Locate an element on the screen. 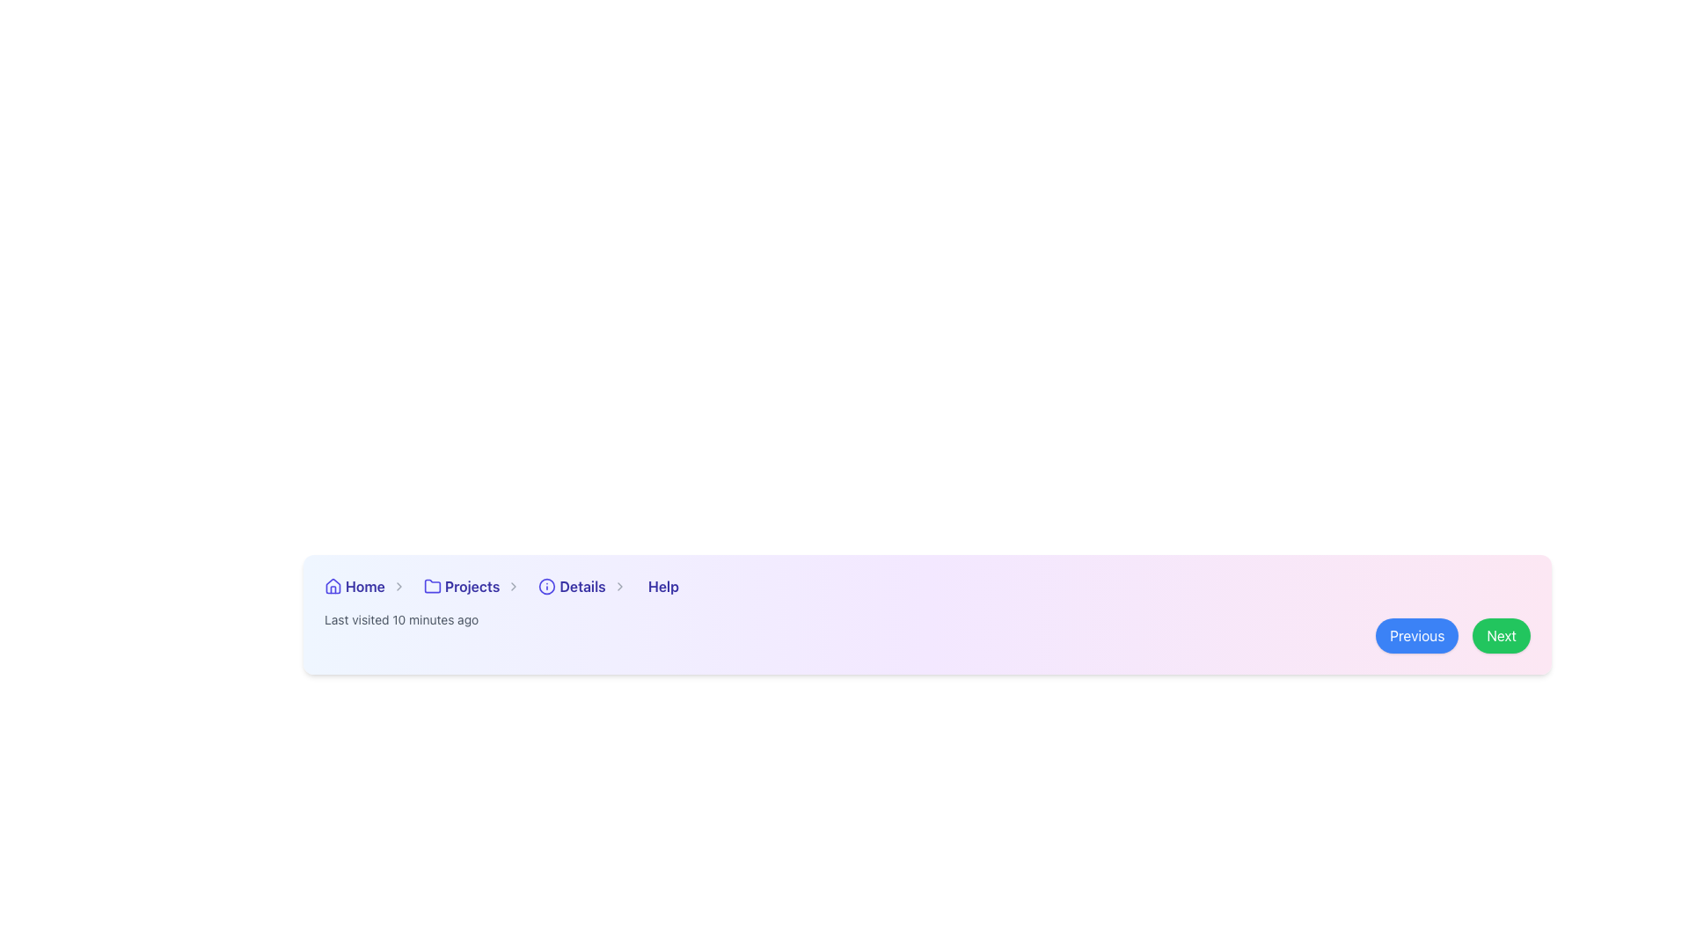 Image resolution: width=1689 pixels, height=950 pixels. the home icon in the breadcrumb navigation bar is located at coordinates (333, 587).